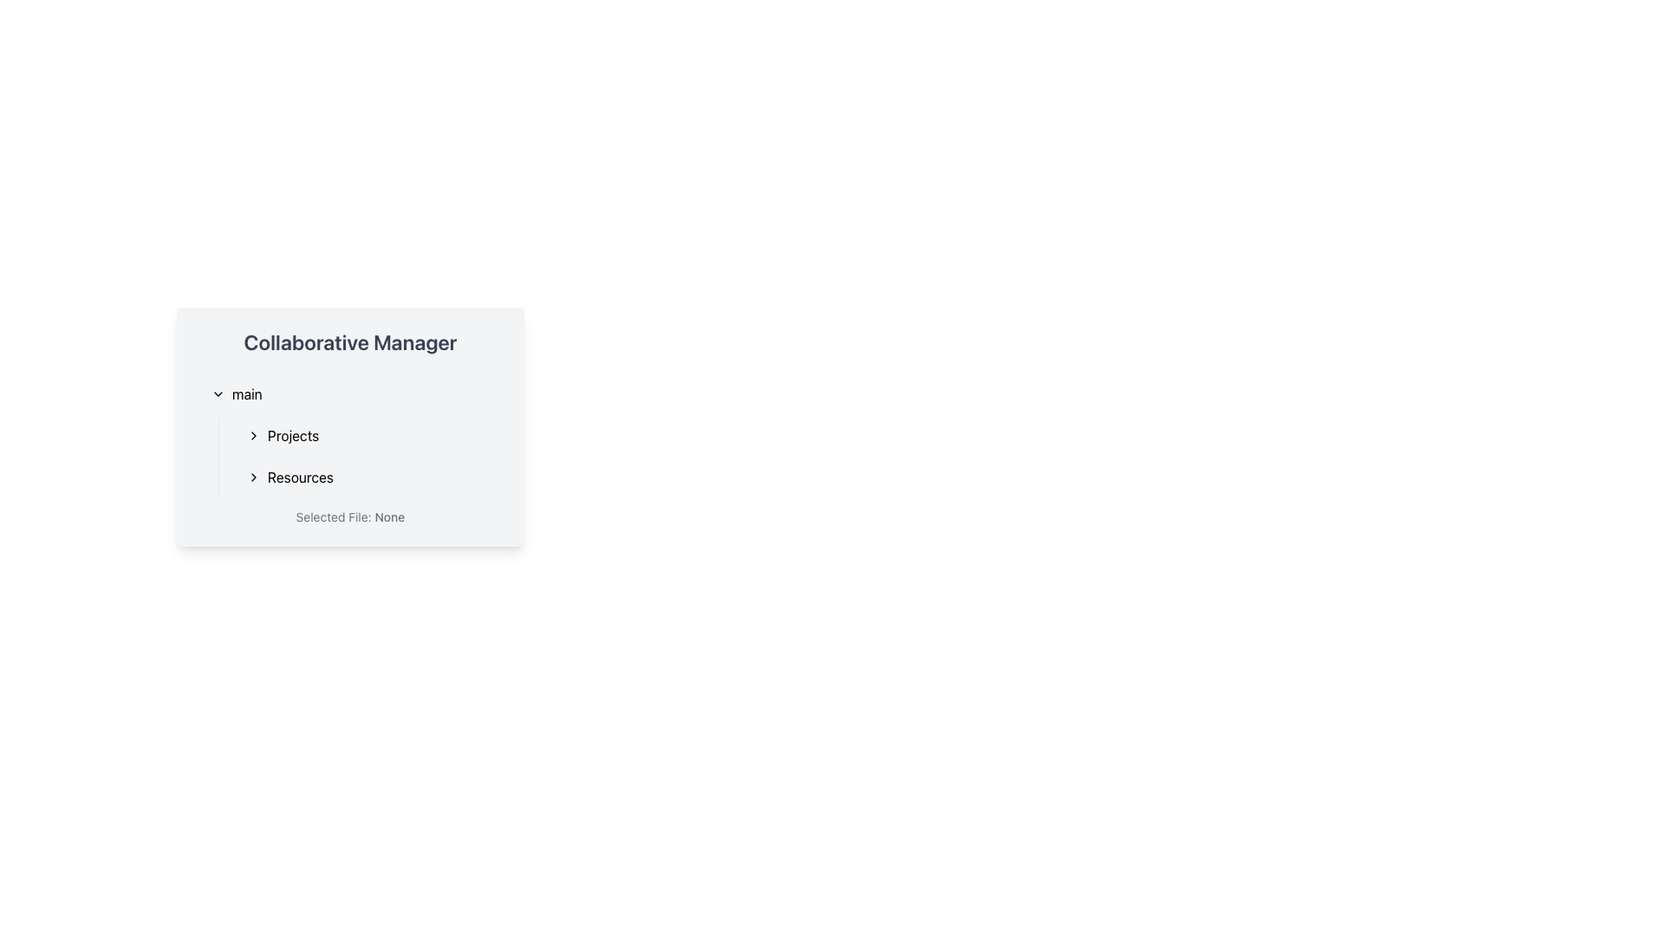 The width and height of the screenshot is (1664, 936). What do you see at coordinates (367, 434) in the screenshot?
I see `the navigational menu item labeled 'Projects'` at bounding box center [367, 434].